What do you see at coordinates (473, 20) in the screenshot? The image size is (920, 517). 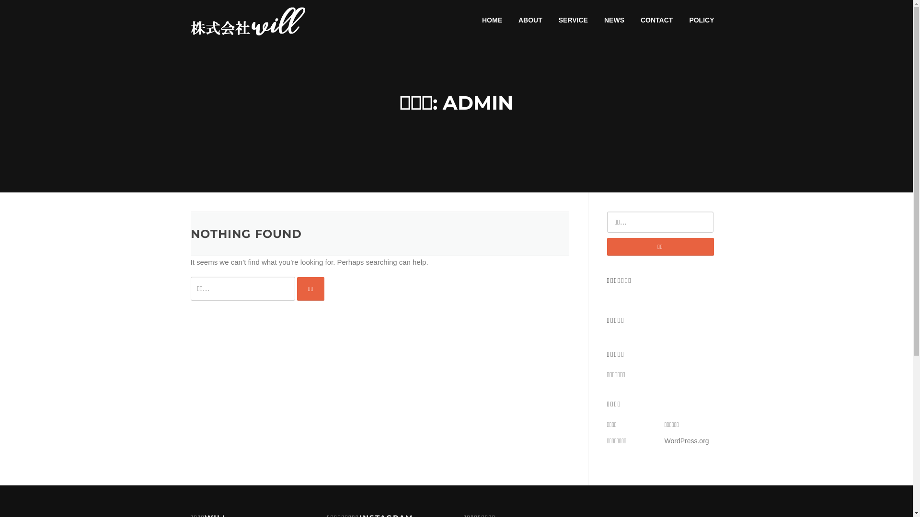 I see `'HOME'` at bounding box center [473, 20].